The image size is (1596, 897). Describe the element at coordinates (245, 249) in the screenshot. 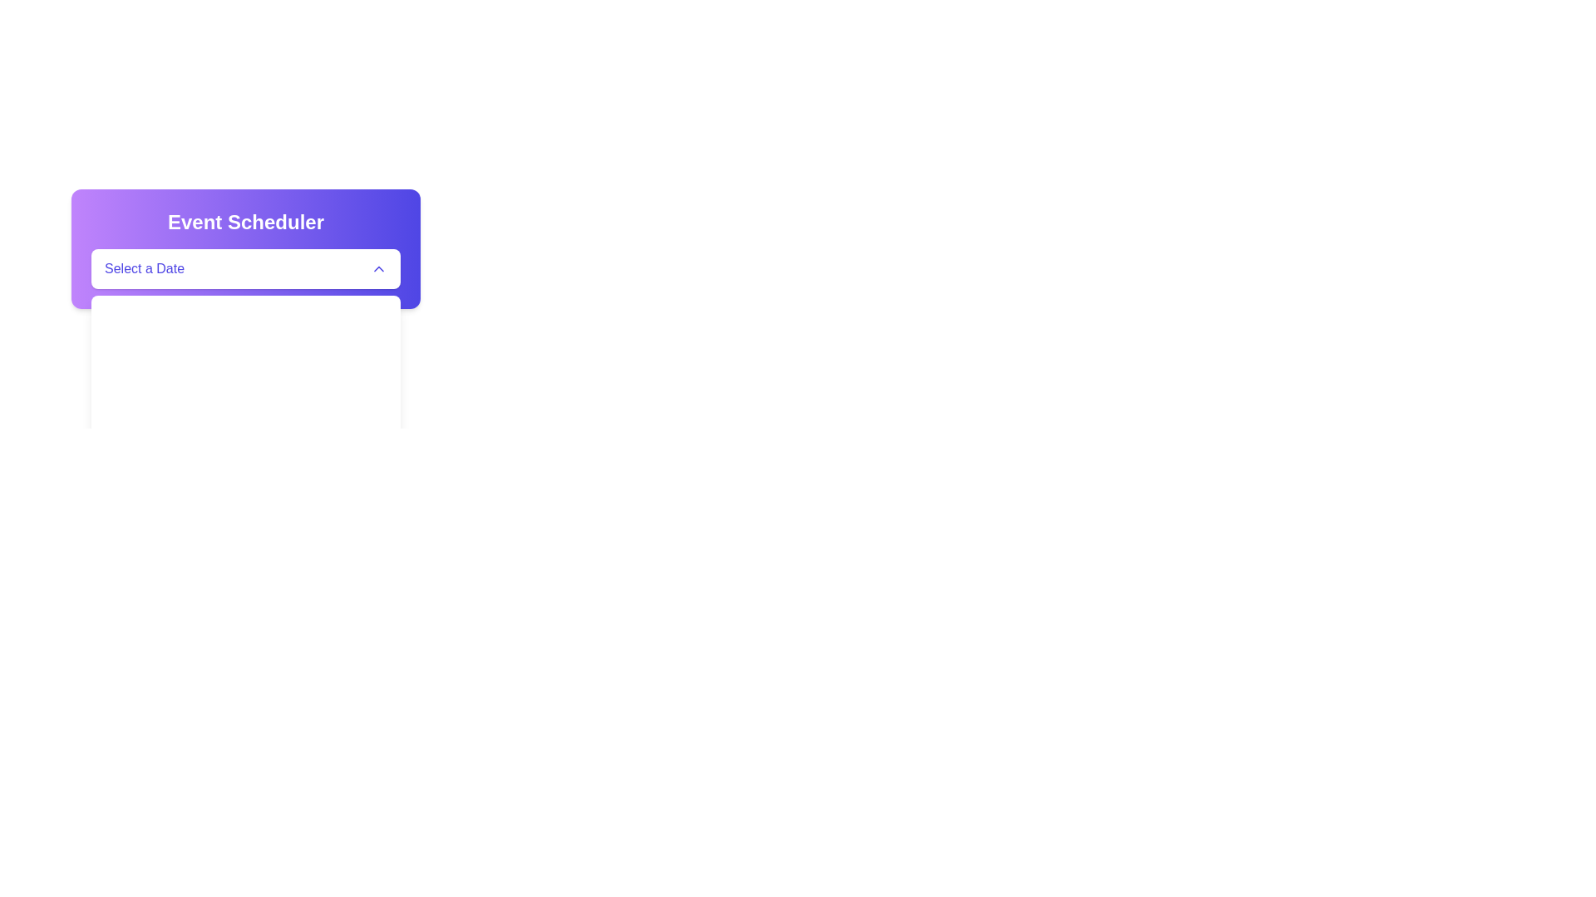

I see `the dropdown selection box beneath the header text 'Event Scheduler'` at that location.